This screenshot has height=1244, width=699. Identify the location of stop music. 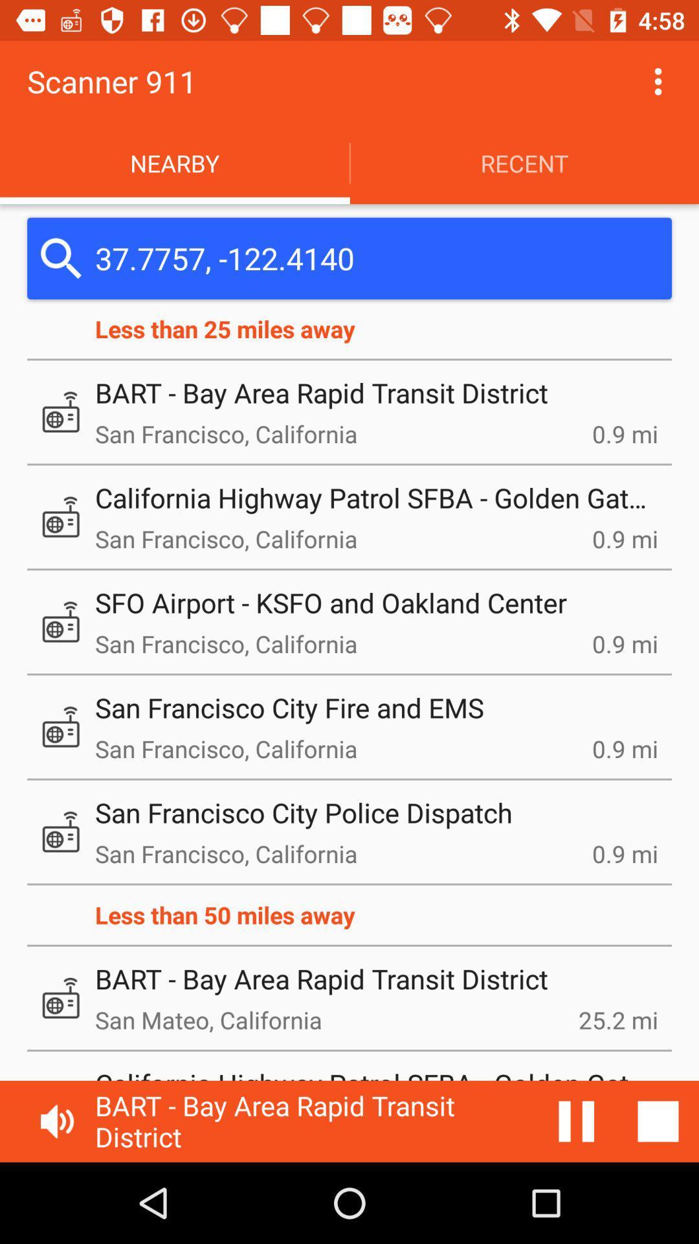
(658, 1121).